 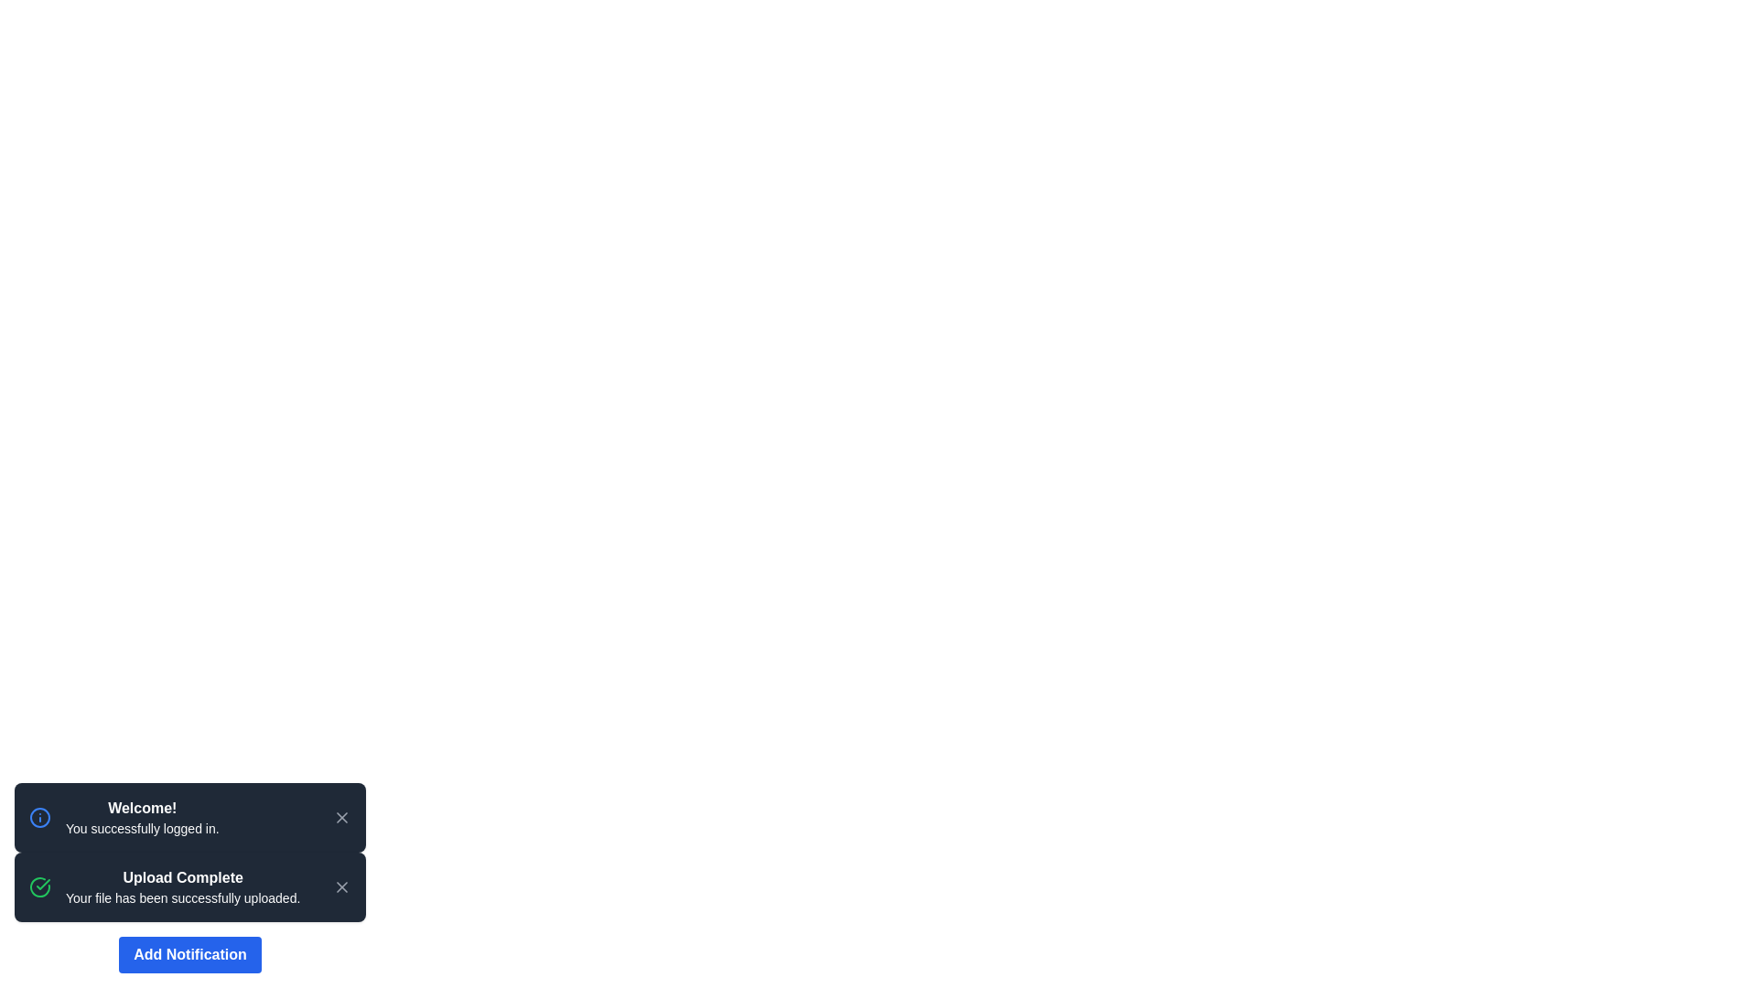 What do you see at coordinates (39, 817) in the screenshot?
I see `the blue circular icon with a white center located in the middle of the notification window titled 'Welcome!'` at bounding box center [39, 817].